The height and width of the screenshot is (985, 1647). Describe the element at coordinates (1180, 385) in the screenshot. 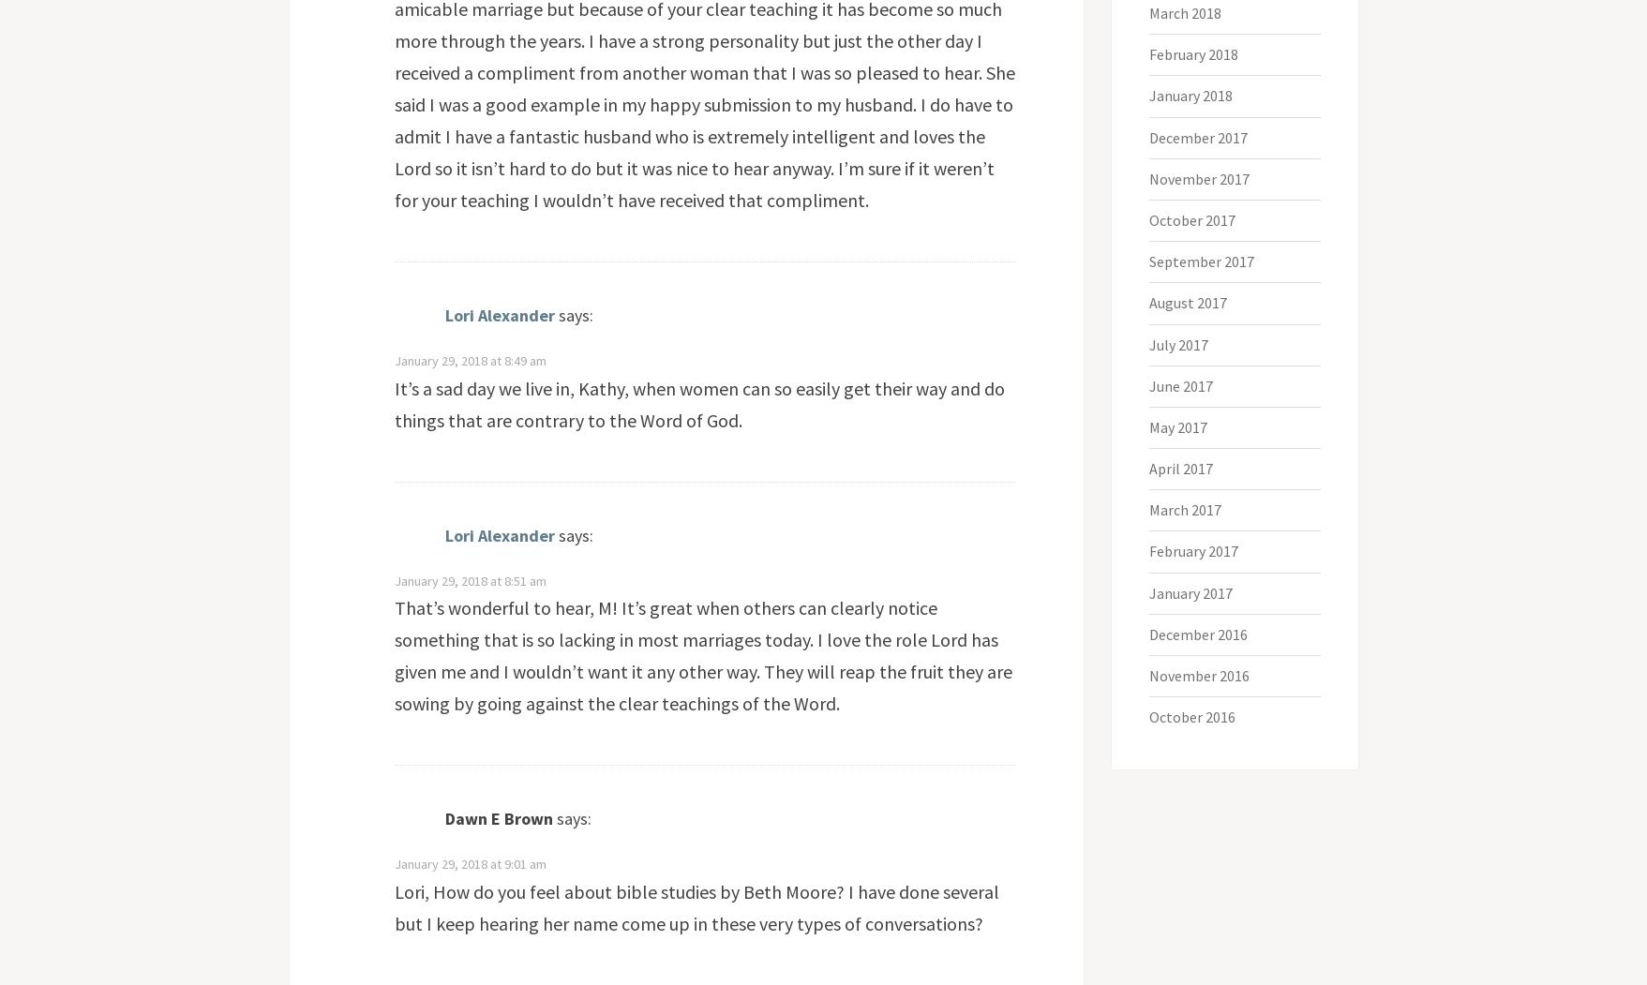

I see `'June 2017'` at that location.